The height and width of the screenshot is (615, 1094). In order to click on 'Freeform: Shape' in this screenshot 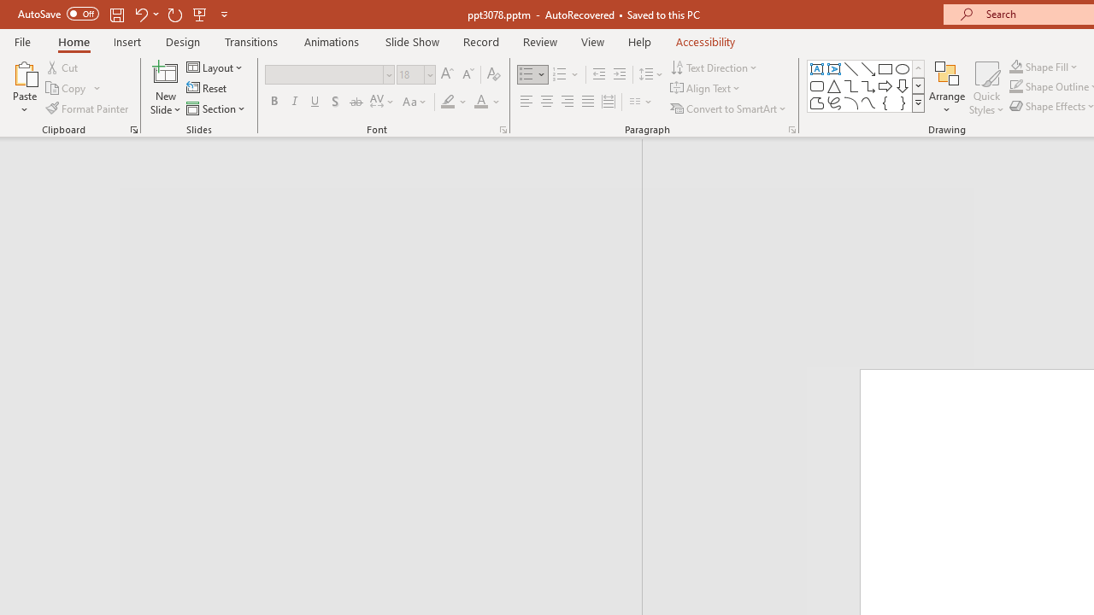, I will do `click(816, 102)`.